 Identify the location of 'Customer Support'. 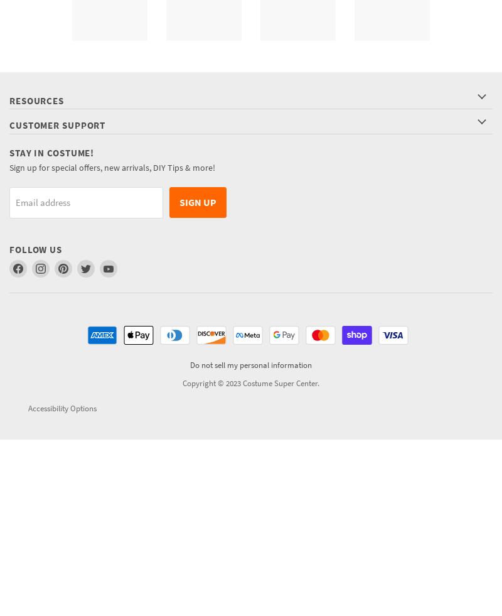
(57, 124).